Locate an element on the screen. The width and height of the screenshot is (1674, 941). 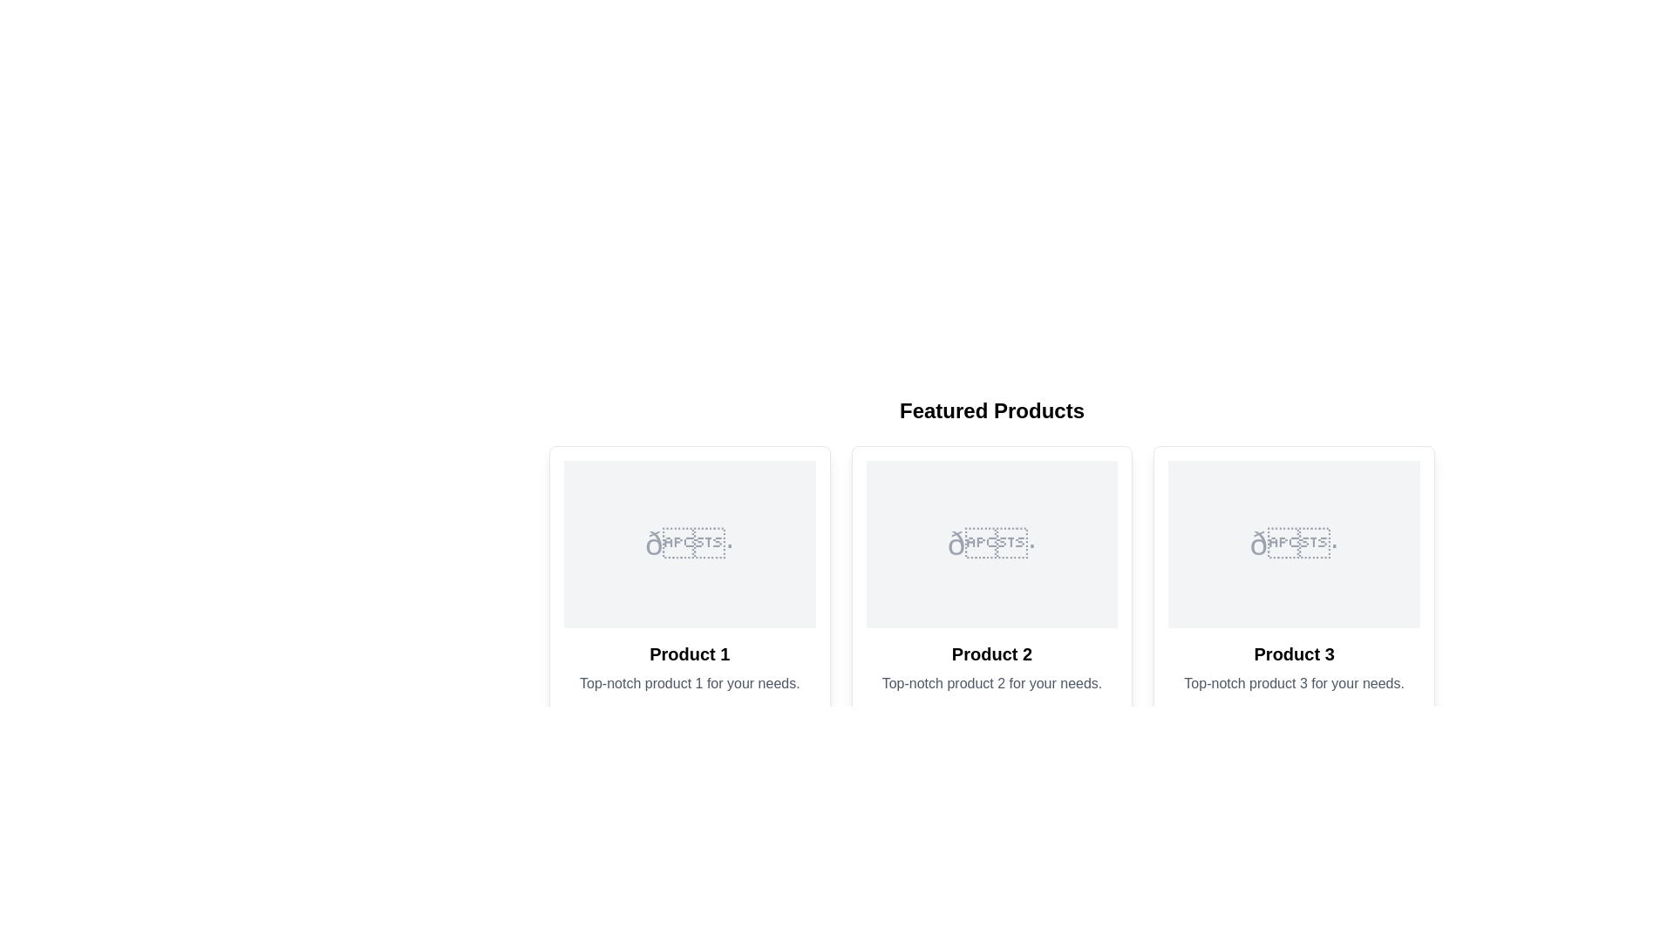
the text of the bold text label located under the image placeholder and above the descriptive line of text is located at coordinates (689, 654).